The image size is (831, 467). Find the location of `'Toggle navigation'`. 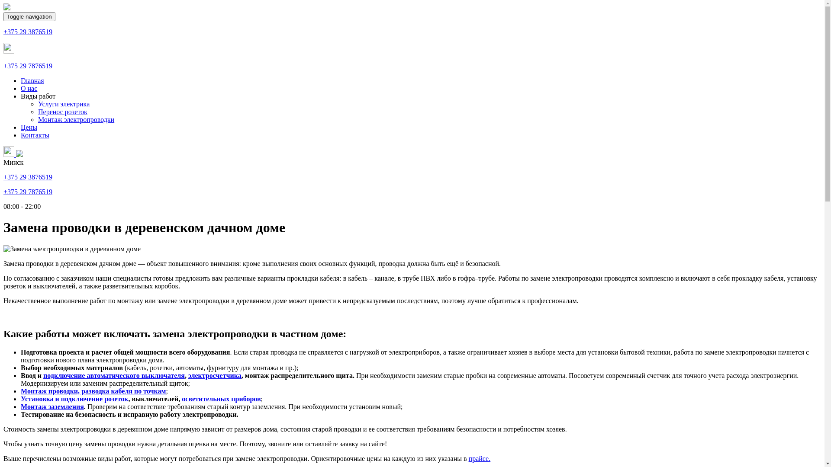

'Toggle navigation' is located at coordinates (29, 16).